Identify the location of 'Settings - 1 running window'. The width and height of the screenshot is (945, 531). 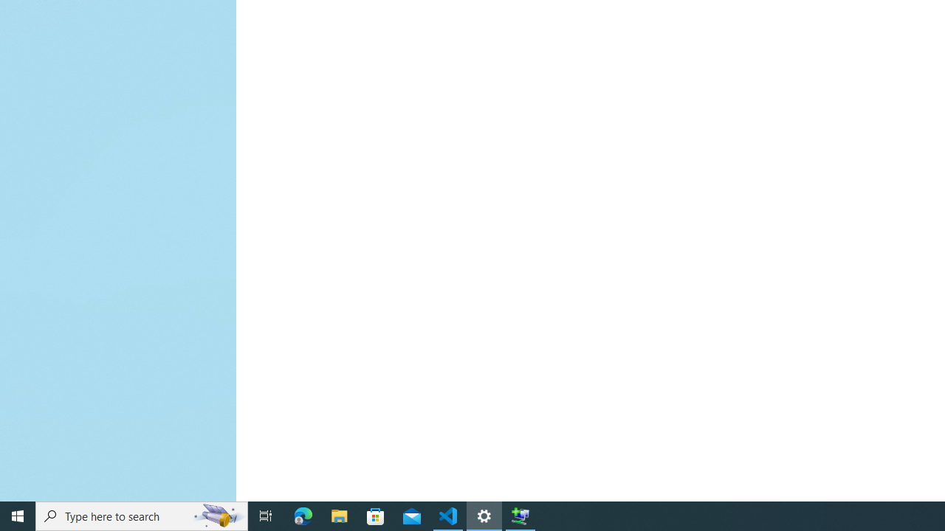
(484, 515).